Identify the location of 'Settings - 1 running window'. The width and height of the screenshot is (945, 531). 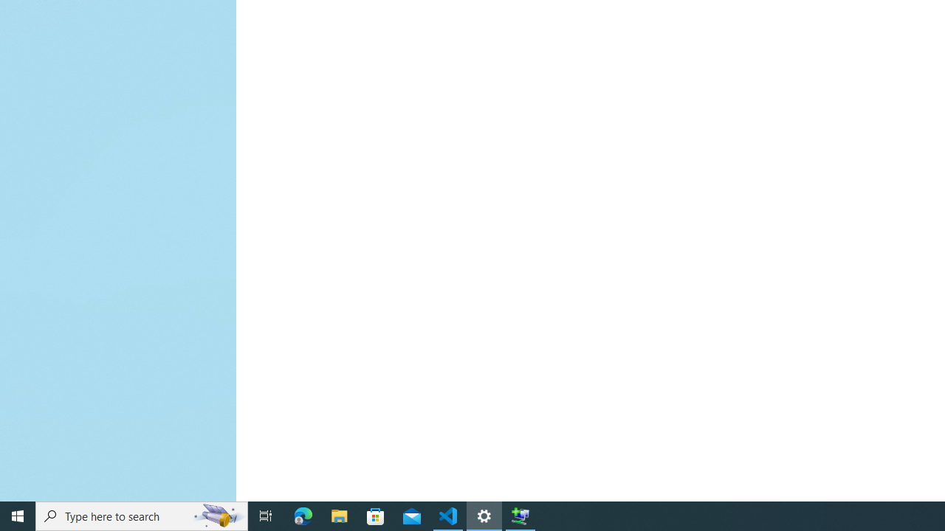
(484, 515).